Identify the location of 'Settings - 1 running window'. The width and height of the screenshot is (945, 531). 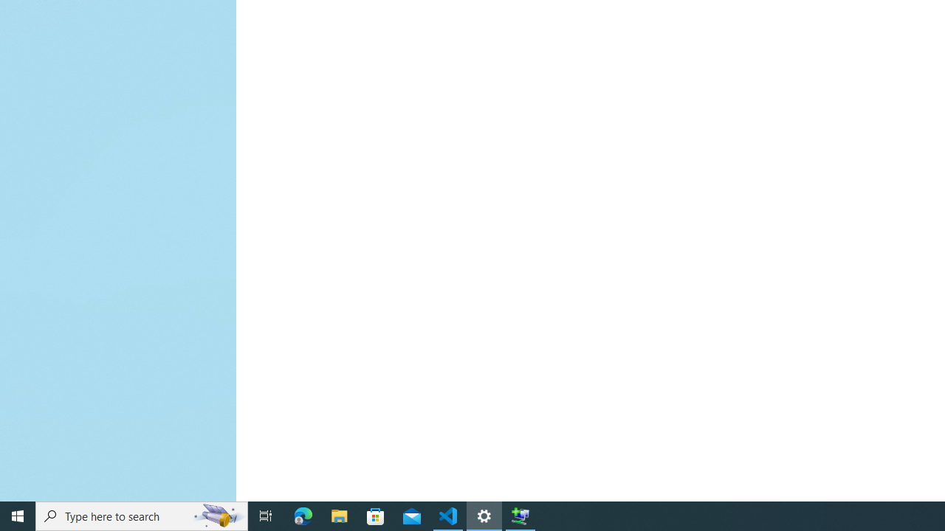
(484, 515).